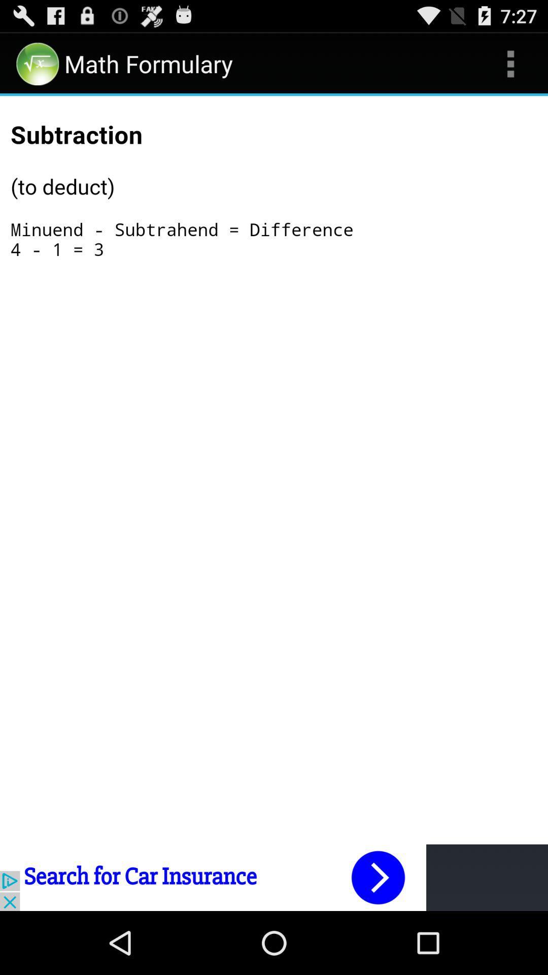  I want to click on formula, so click(274, 205).